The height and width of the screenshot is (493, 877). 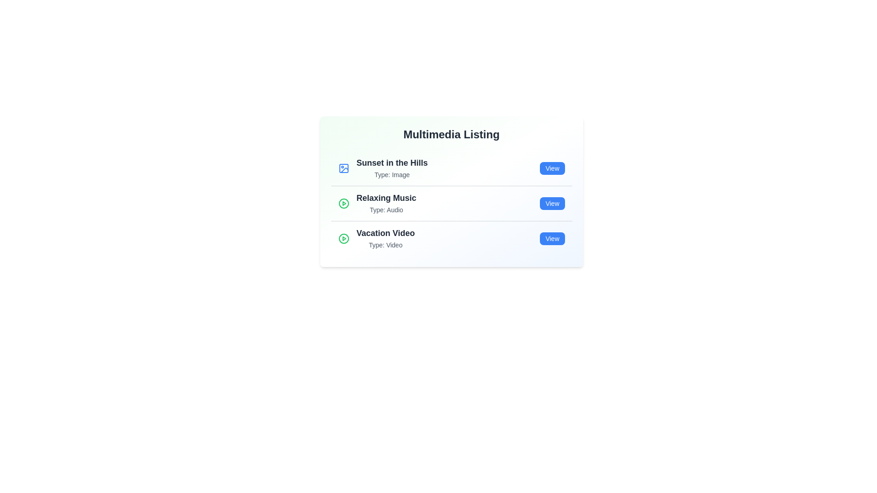 I want to click on 'View' button for the multimedia item Sunset in the Hills, so click(x=552, y=168).